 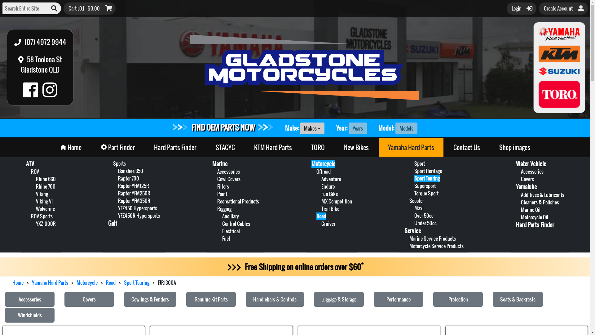 What do you see at coordinates (535, 225) in the screenshot?
I see `'Hard Parts Finder'` at bounding box center [535, 225].